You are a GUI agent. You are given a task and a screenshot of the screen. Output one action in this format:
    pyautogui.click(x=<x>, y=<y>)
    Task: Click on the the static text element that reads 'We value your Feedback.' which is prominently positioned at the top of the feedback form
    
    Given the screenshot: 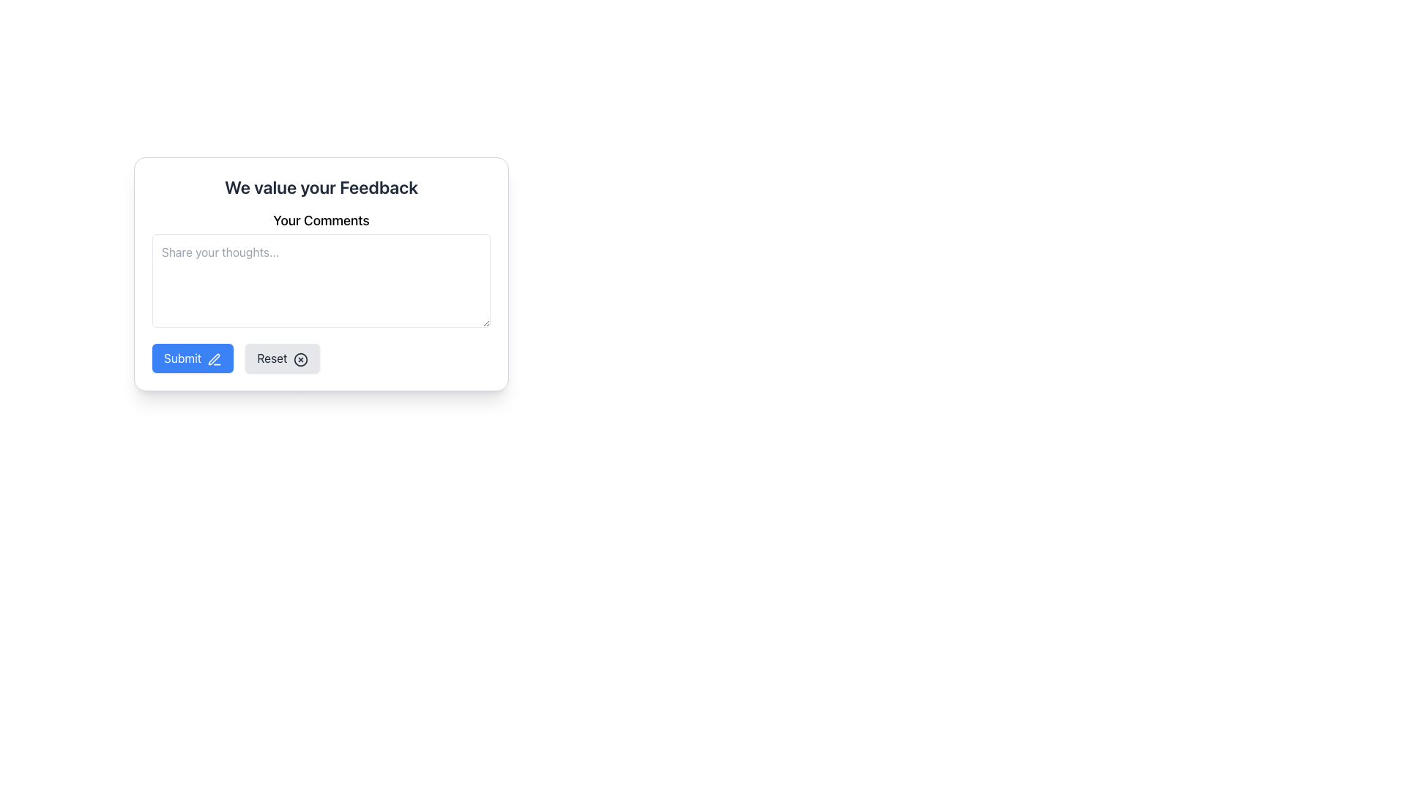 What is the action you would take?
    pyautogui.click(x=320, y=186)
    